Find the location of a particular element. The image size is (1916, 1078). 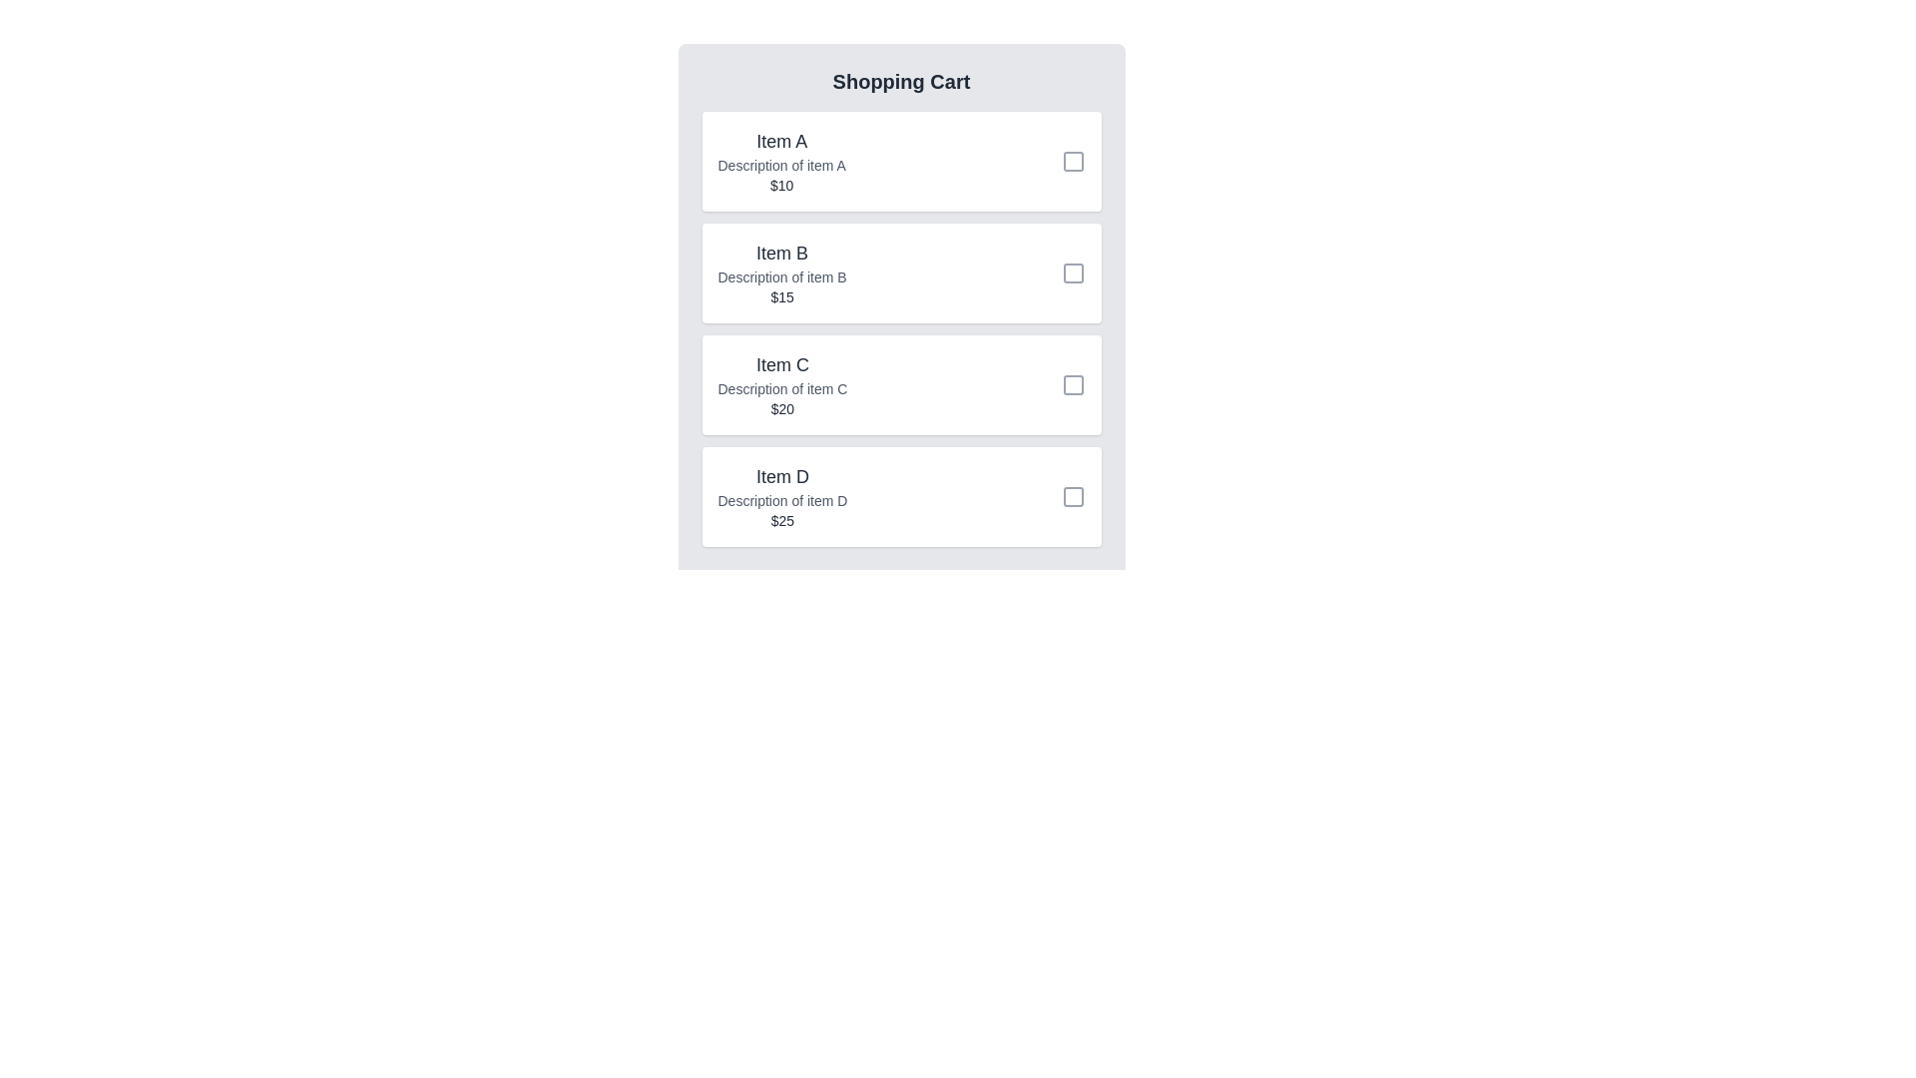

the static text label that displays 'Item A', which is styled with a large font size in deep gray and is positioned at the top of the first entry in a shopping cart layout is located at coordinates (780, 141).